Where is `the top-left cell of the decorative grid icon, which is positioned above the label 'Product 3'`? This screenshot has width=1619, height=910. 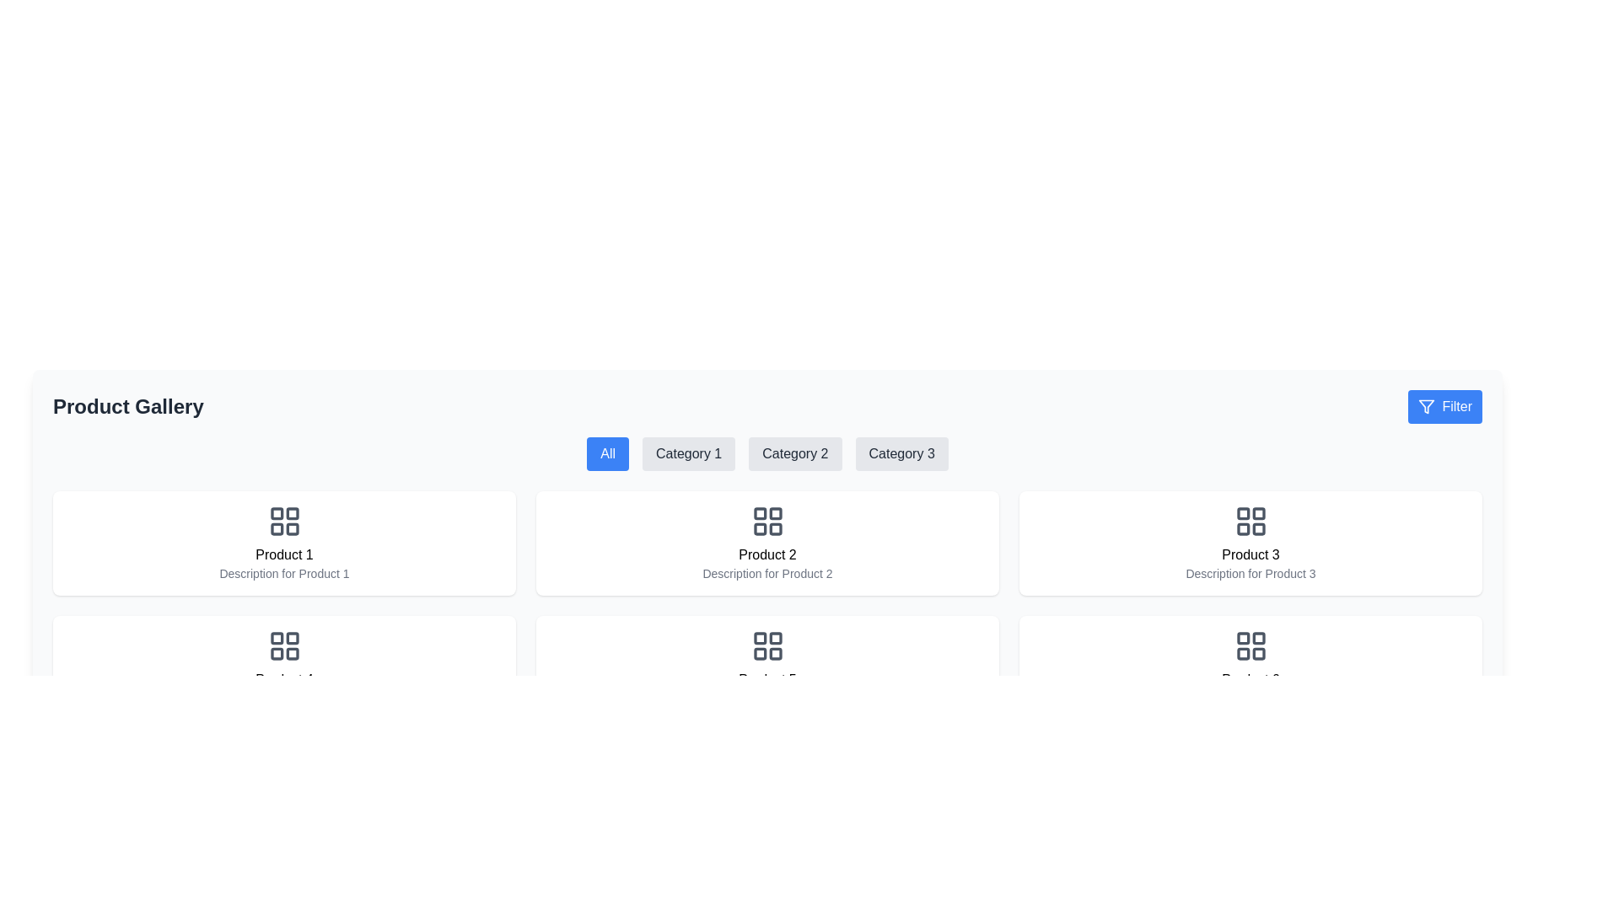 the top-left cell of the decorative grid icon, which is positioned above the label 'Product 3' is located at coordinates (1243, 512).